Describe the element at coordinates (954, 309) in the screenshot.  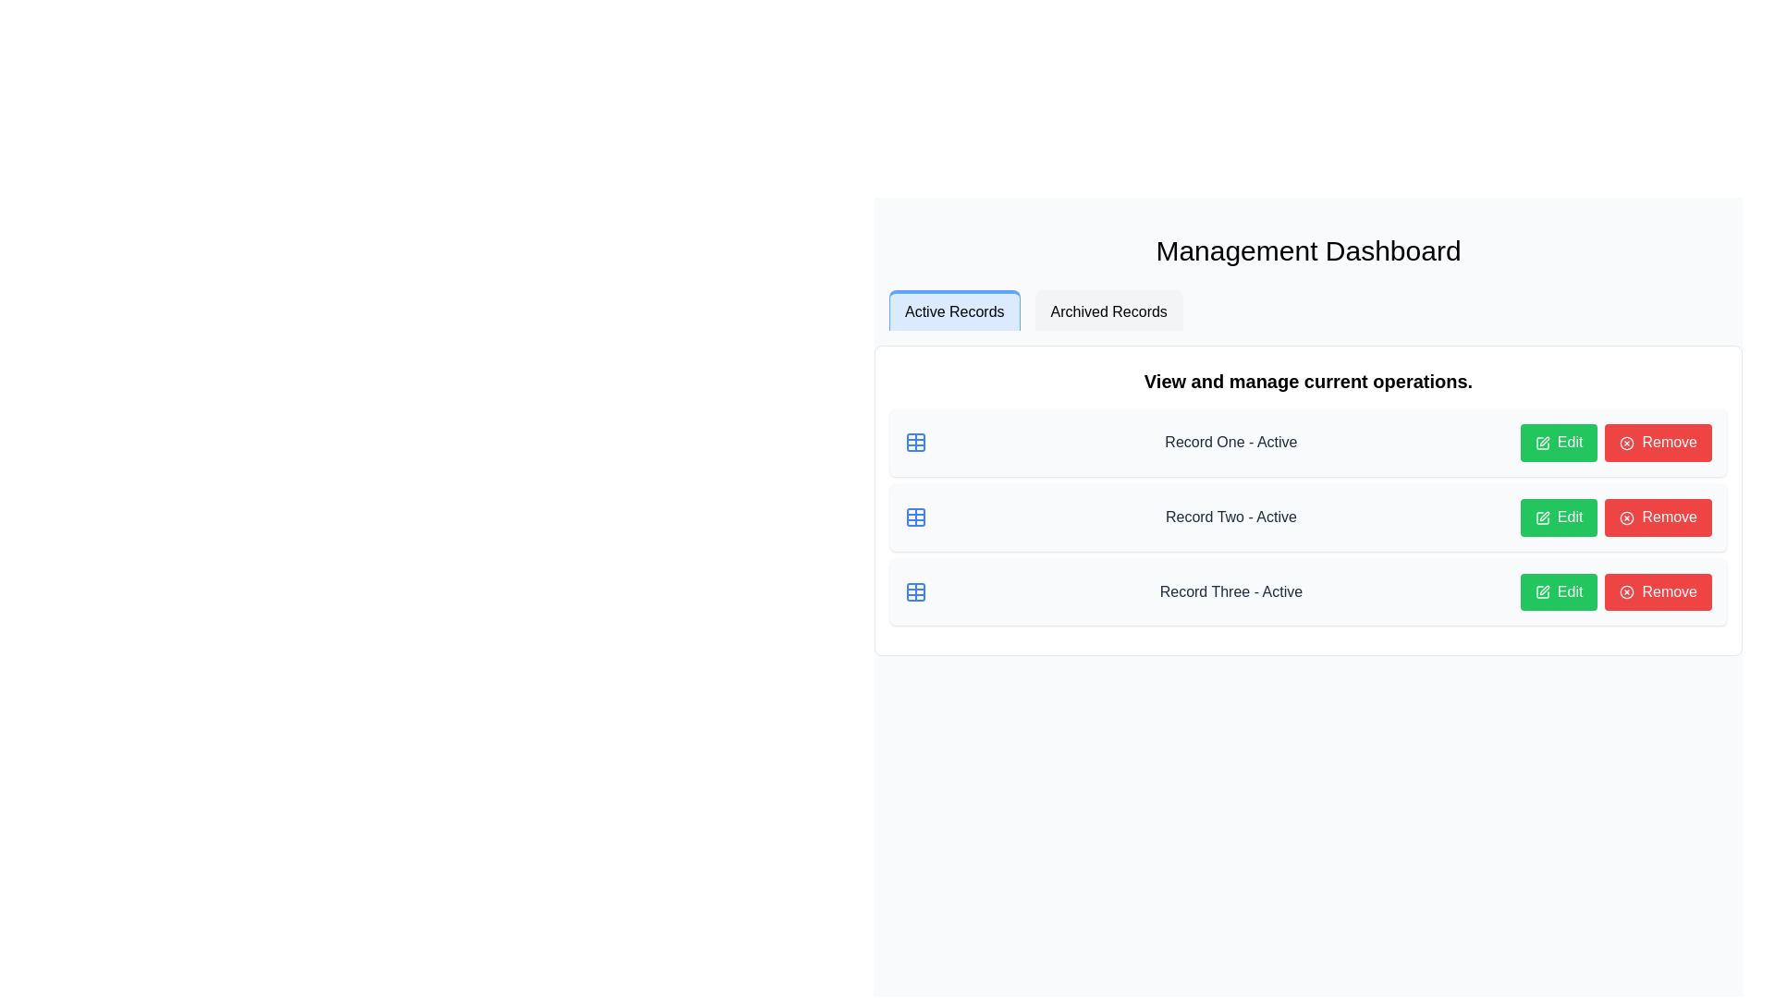
I see `the 'Active Records' Navigation Tab element` at that location.